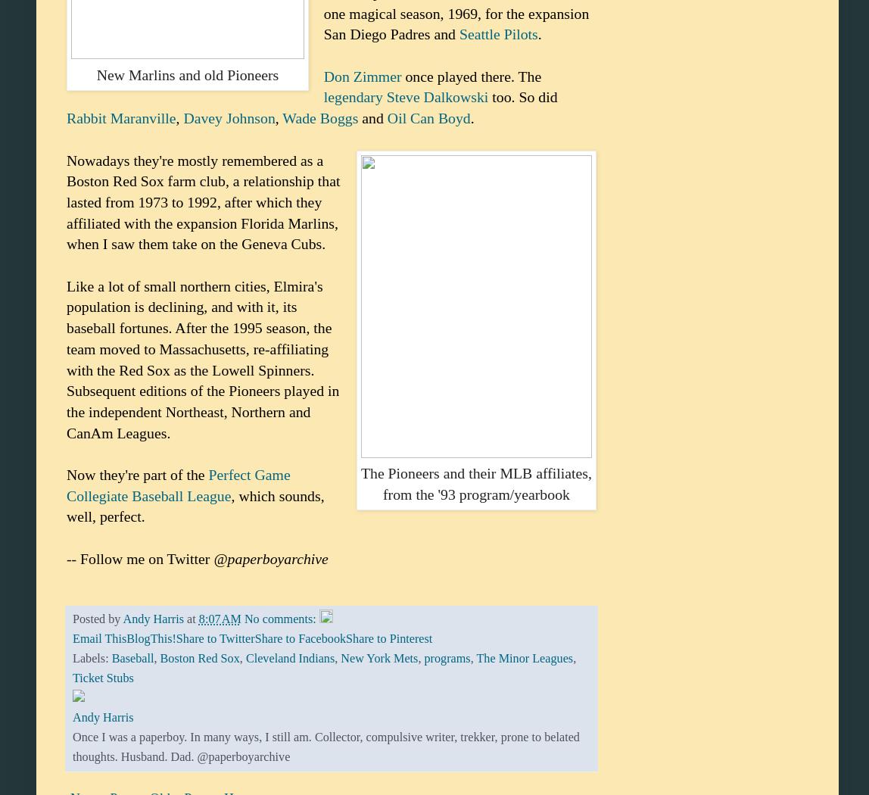 The image size is (869, 795). I want to click on 'once played there. The', so click(471, 75).